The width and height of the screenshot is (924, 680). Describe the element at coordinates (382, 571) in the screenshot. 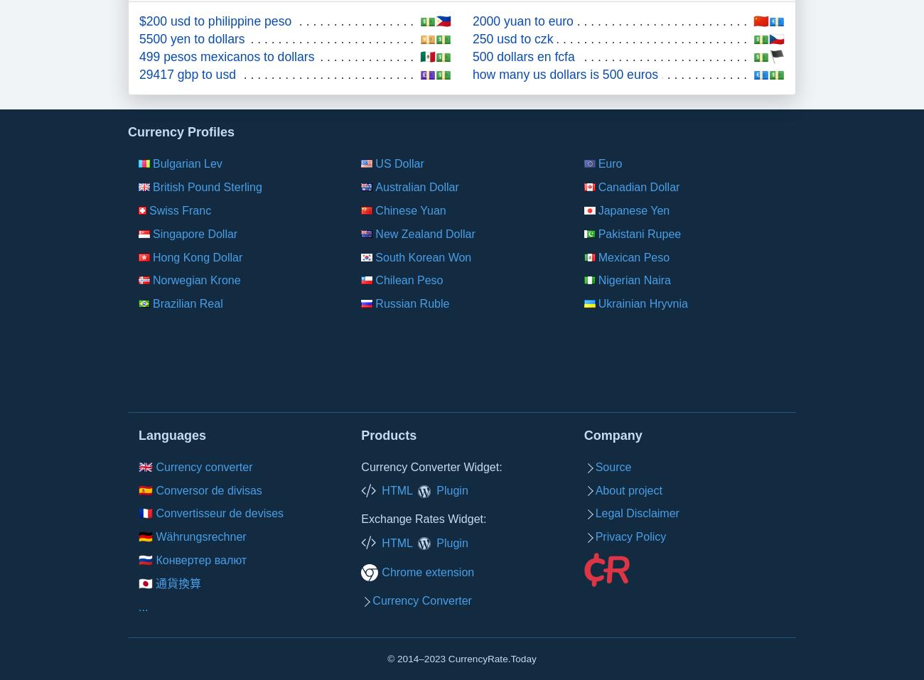

I see `'Chrome extension'` at that location.